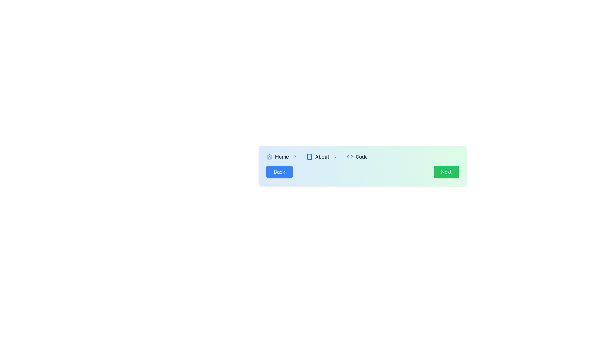 The height and width of the screenshot is (338, 601). I want to click on the 'About' icon in the breadcrumb navigation bar, which is positioned to the left of the 'About' label and to the right of the home icon, so click(309, 156).